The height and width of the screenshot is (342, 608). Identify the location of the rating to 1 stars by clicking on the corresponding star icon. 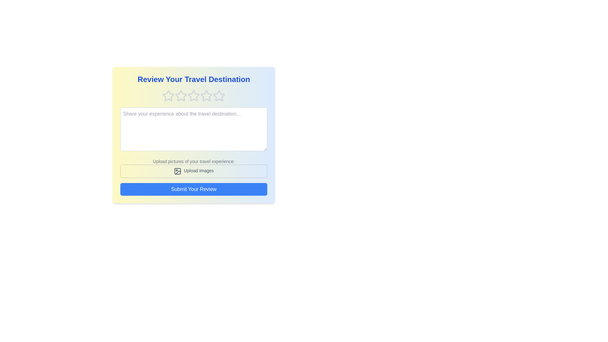
(168, 96).